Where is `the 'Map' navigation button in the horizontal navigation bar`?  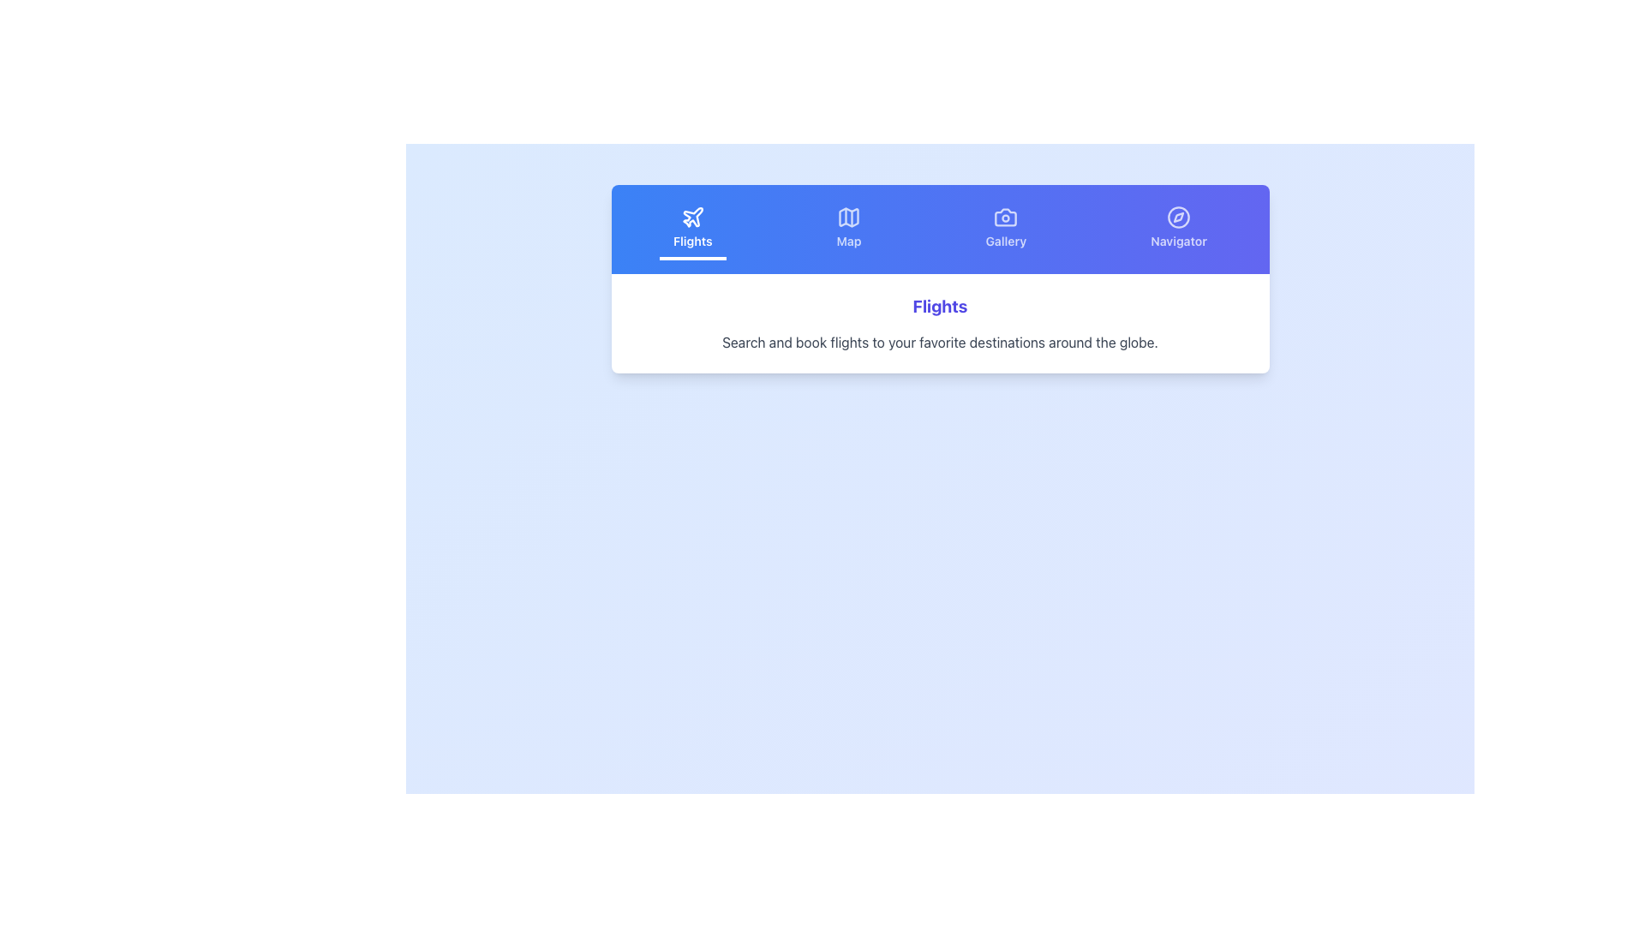 the 'Map' navigation button in the horizontal navigation bar is located at coordinates (849, 228).